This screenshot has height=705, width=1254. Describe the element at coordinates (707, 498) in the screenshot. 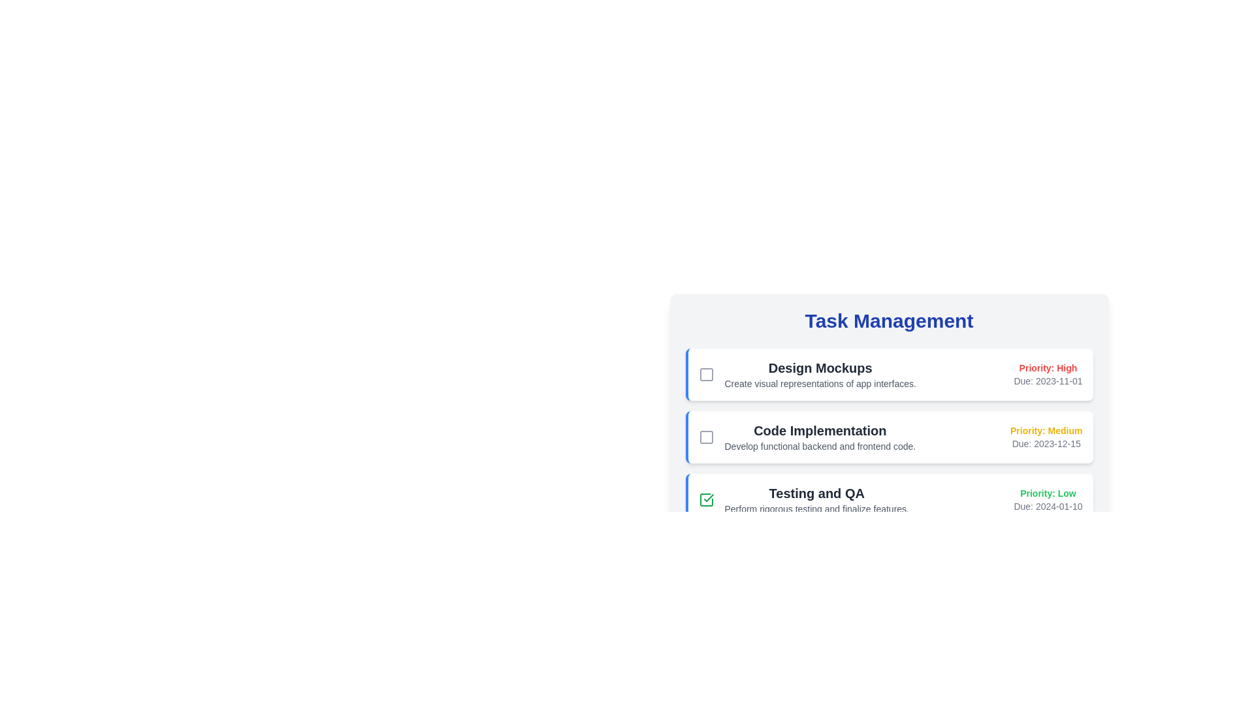

I see `the Checkmark icon indicating the completed status of the 'Testing and QA' task` at that location.